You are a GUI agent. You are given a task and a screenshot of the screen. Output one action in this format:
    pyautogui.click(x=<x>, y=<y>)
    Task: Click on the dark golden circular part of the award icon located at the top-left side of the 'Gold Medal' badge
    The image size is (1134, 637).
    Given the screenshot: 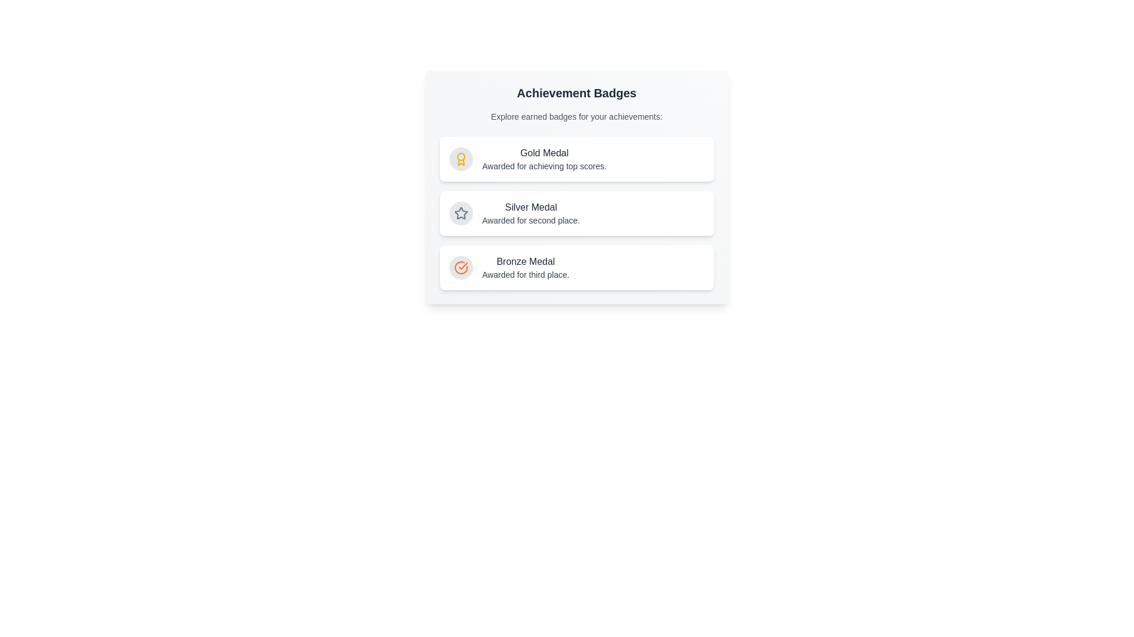 What is the action you would take?
    pyautogui.click(x=460, y=156)
    